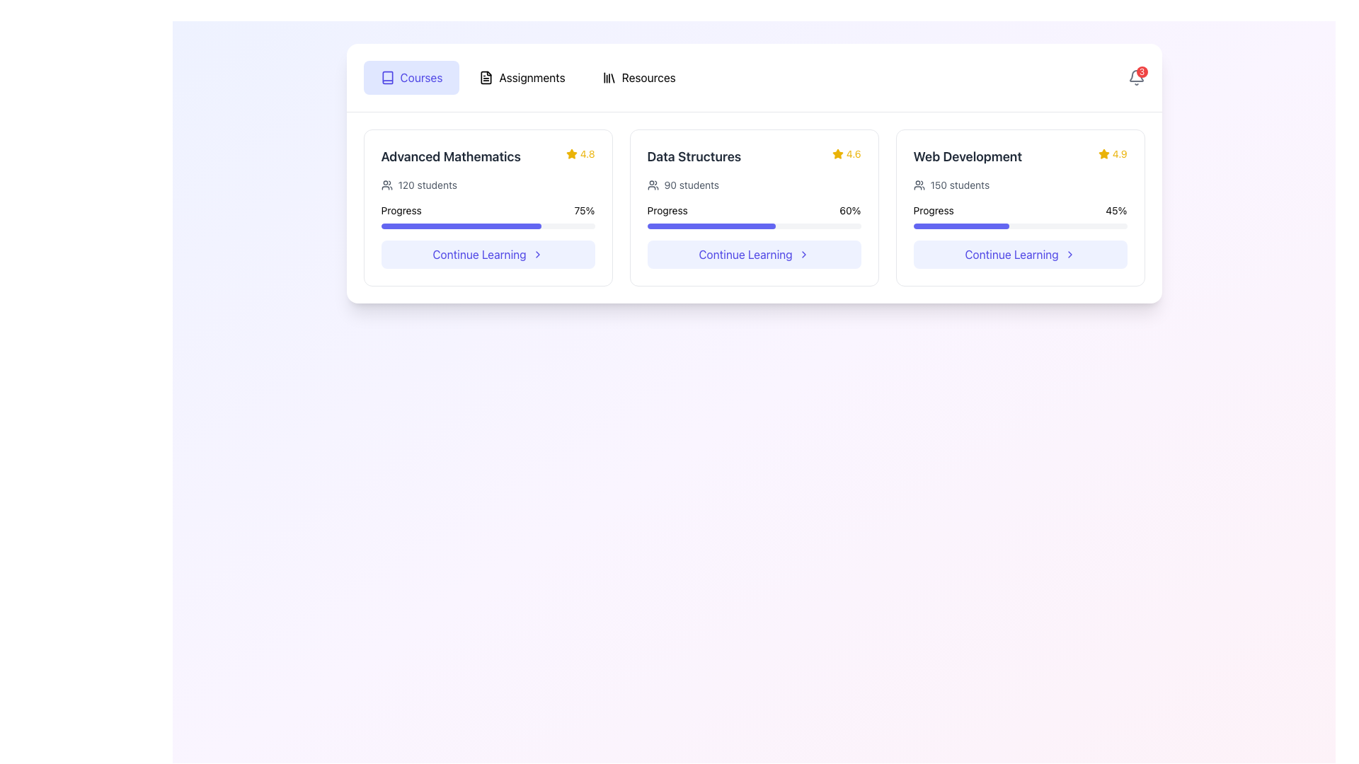  What do you see at coordinates (853, 154) in the screenshot?
I see `the numeric rating display for the 'Data Structures' course, located at the top-right corner next to the yellow star icon` at bounding box center [853, 154].